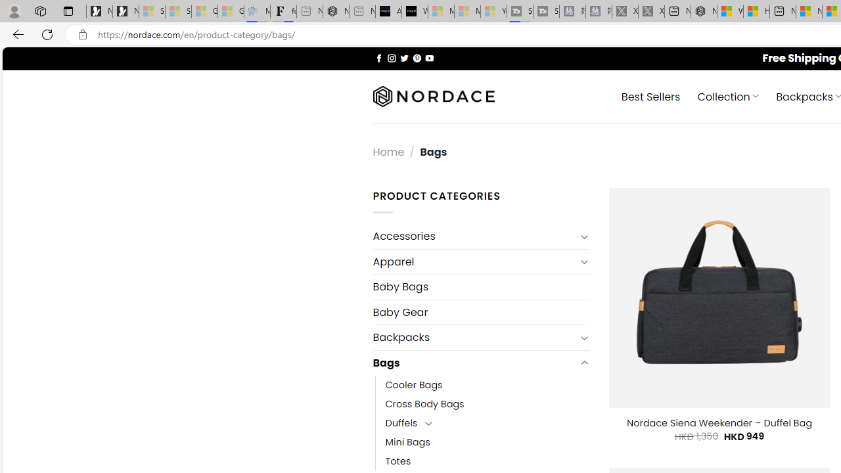  I want to click on 'Nordace', so click(433, 96).